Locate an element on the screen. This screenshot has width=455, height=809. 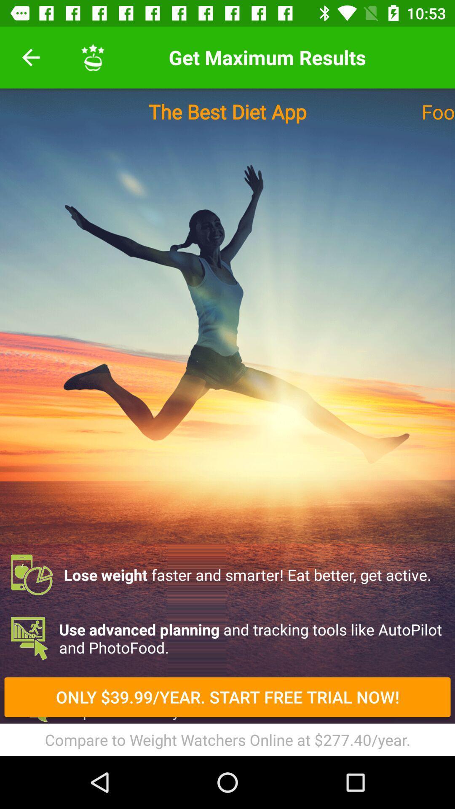
the item below use advanced planning is located at coordinates (227, 697).